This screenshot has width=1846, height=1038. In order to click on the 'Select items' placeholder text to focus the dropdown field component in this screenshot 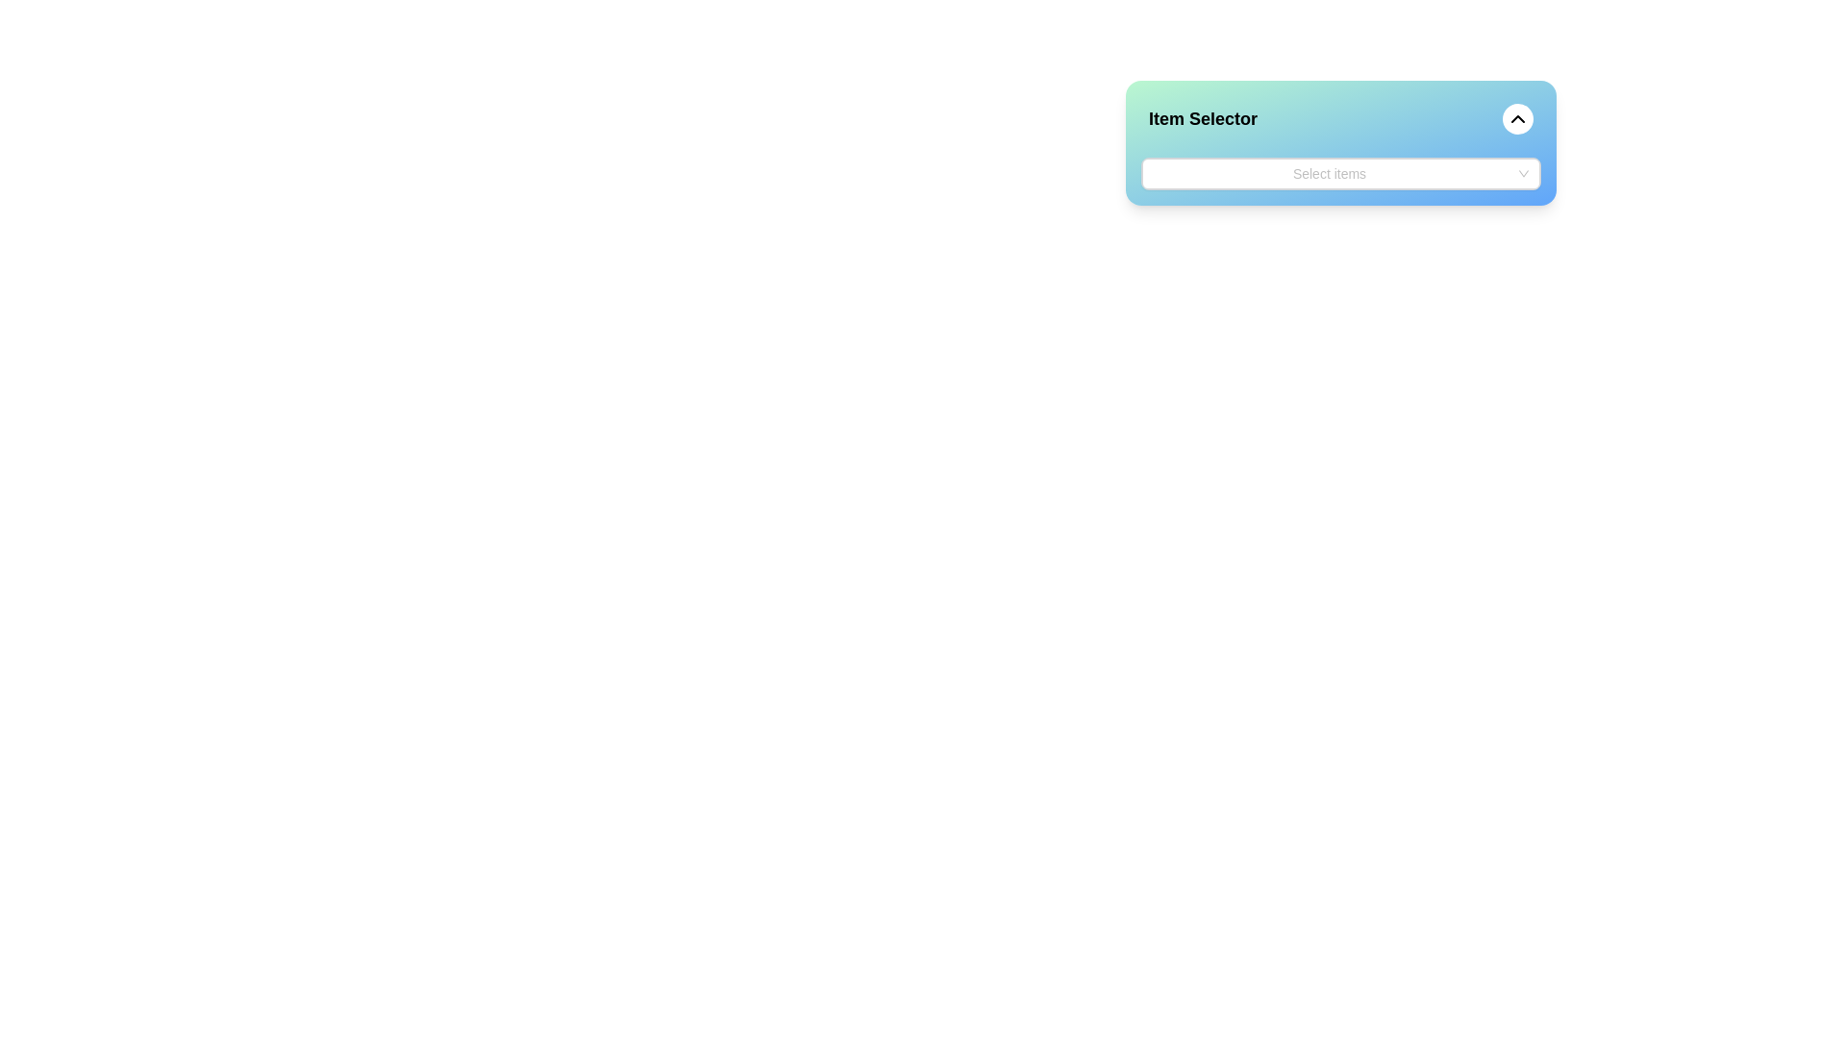, I will do `click(1328, 174)`.